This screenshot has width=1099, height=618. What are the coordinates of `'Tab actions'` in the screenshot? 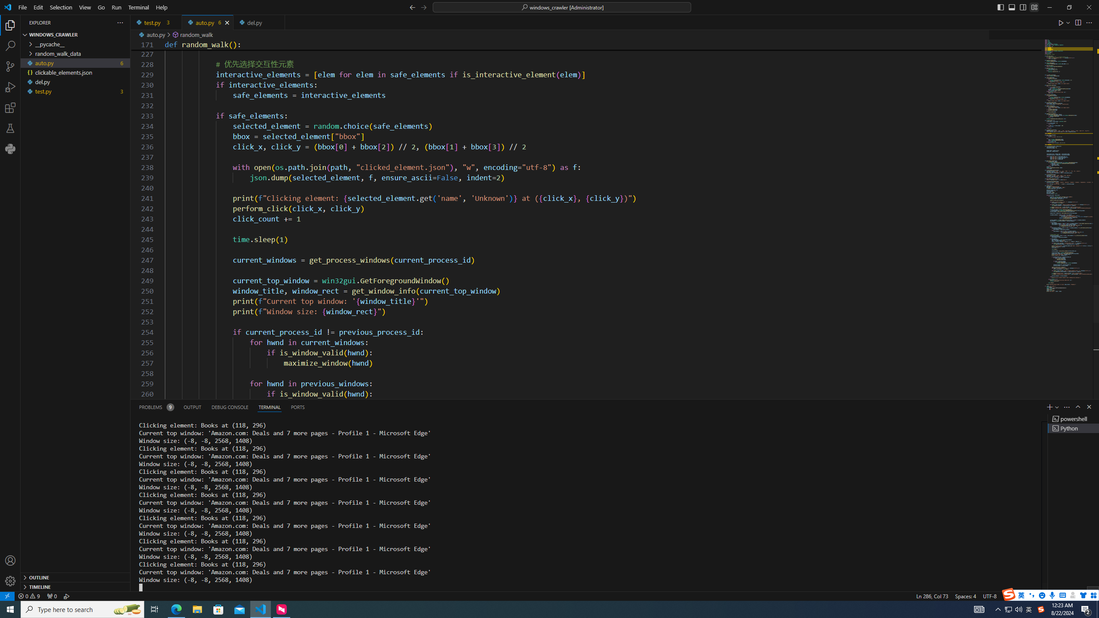 It's located at (278, 22).